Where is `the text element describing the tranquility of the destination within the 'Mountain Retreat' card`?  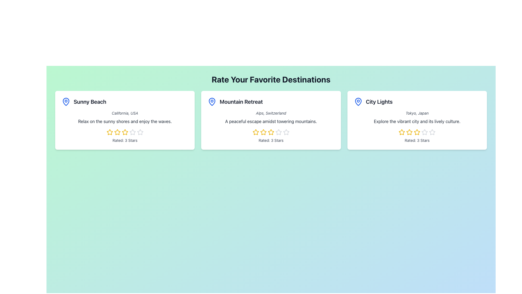 the text element describing the tranquility of the destination within the 'Mountain Retreat' card is located at coordinates (271, 121).